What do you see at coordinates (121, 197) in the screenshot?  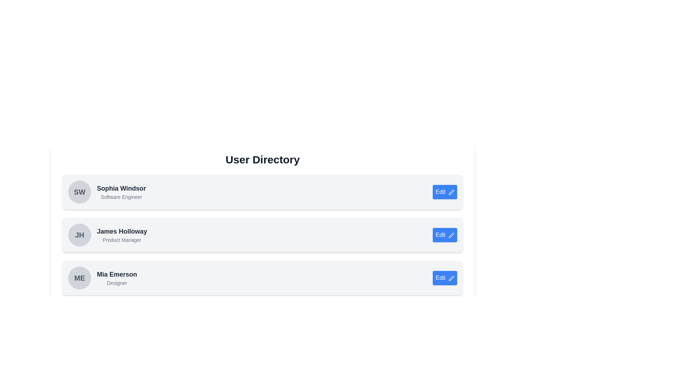 I see `the text content of the label indicating the role or job title of the user 'Sophia Windsor', which is positioned below the user's name in the profile list` at bounding box center [121, 197].